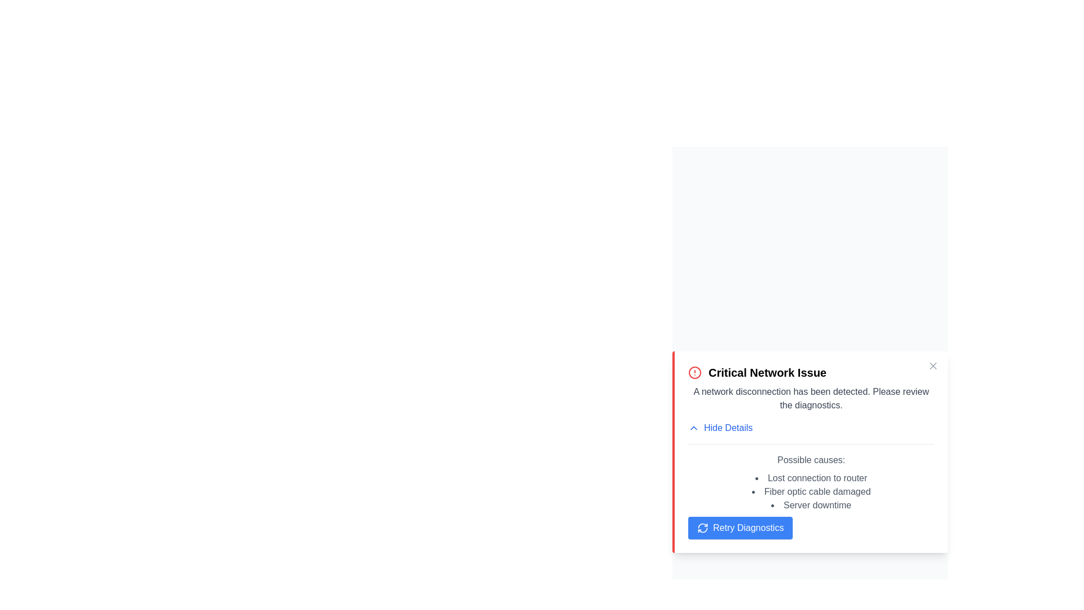 This screenshot has height=610, width=1084. I want to click on close button to dismiss the alert, so click(933, 365).